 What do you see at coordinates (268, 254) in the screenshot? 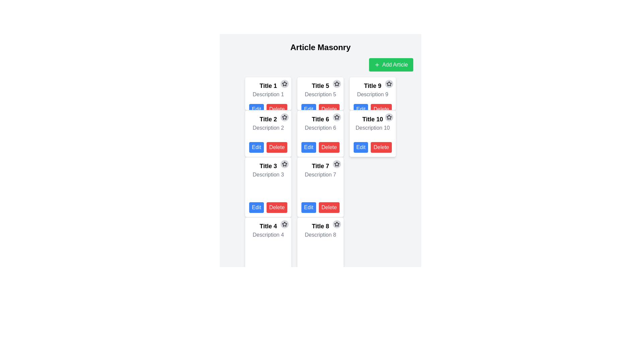
I see `the fourth card in the list, which is located in the leftmost column of the fourth row` at bounding box center [268, 254].